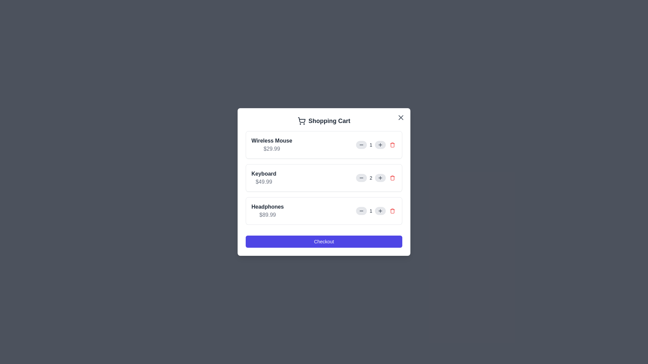  Describe the element at coordinates (324, 178) in the screenshot. I see `the 'Keyboard' item in the shopping cart` at that location.